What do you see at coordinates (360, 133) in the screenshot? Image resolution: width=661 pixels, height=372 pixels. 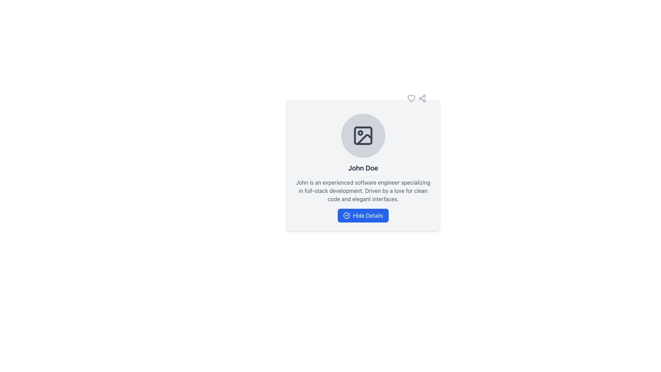 I see `the small decorative circular element located within the picture frame icon above the name 'John Doe' on the main card` at bounding box center [360, 133].